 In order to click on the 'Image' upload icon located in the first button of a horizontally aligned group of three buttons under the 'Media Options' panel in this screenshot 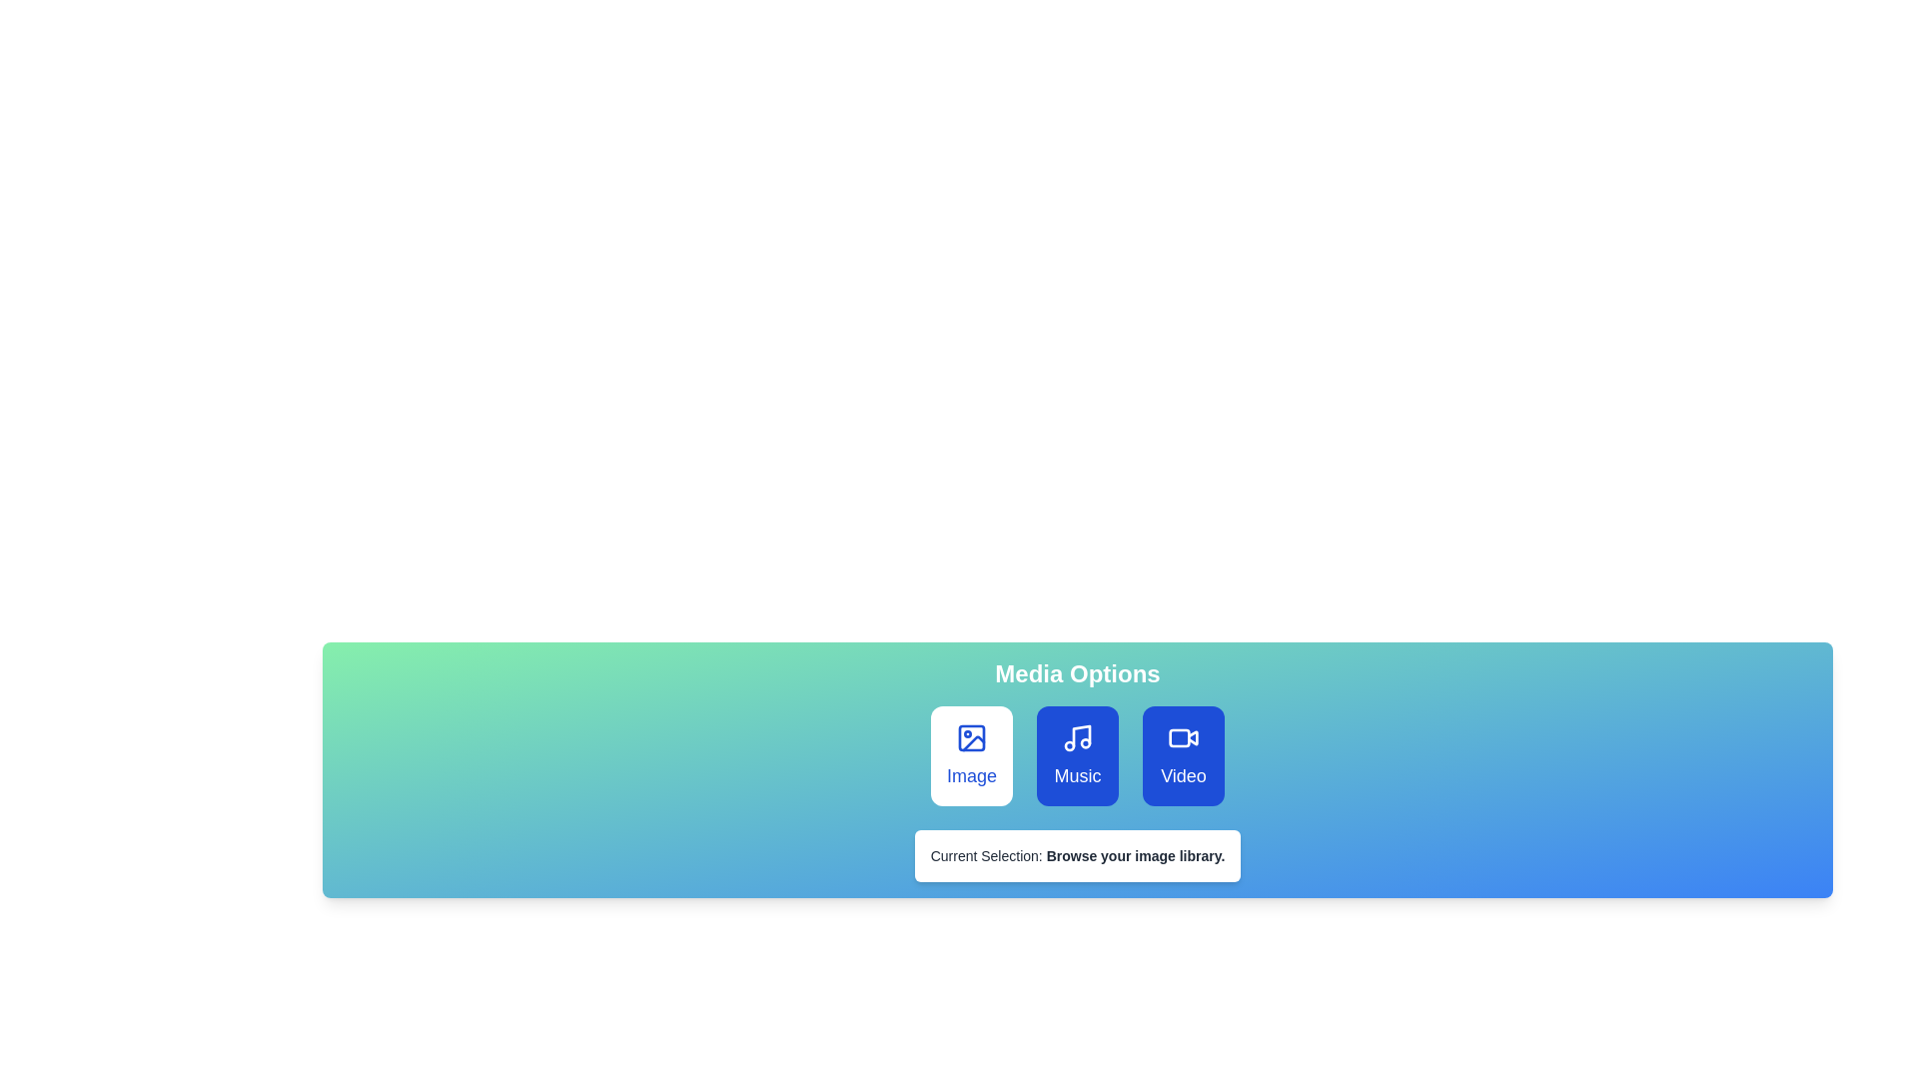, I will do `click(972, 738)`.